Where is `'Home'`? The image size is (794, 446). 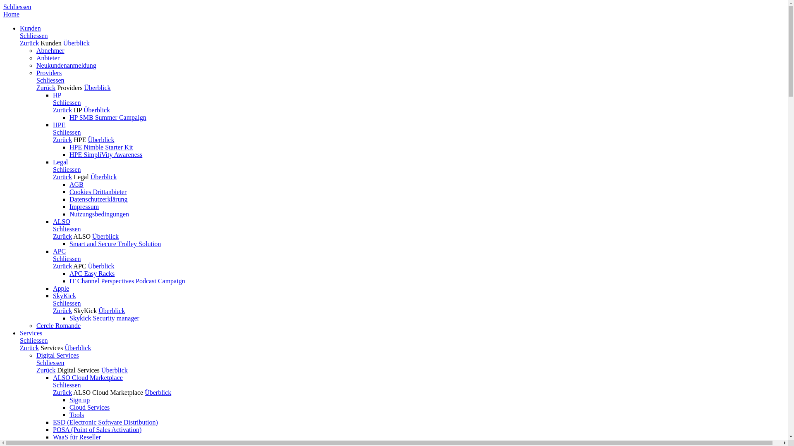 'Home' is located at coordinates (11, 14).